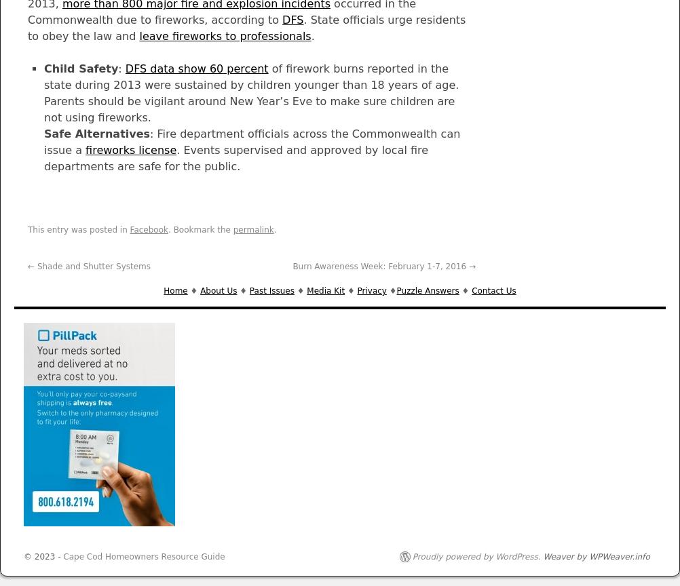 The image size is (680, 586). What do you see at coordinates (195, 69) in the screenshot?
I see `'DFS data show 60 percent'` at bounding box center [195, 69].